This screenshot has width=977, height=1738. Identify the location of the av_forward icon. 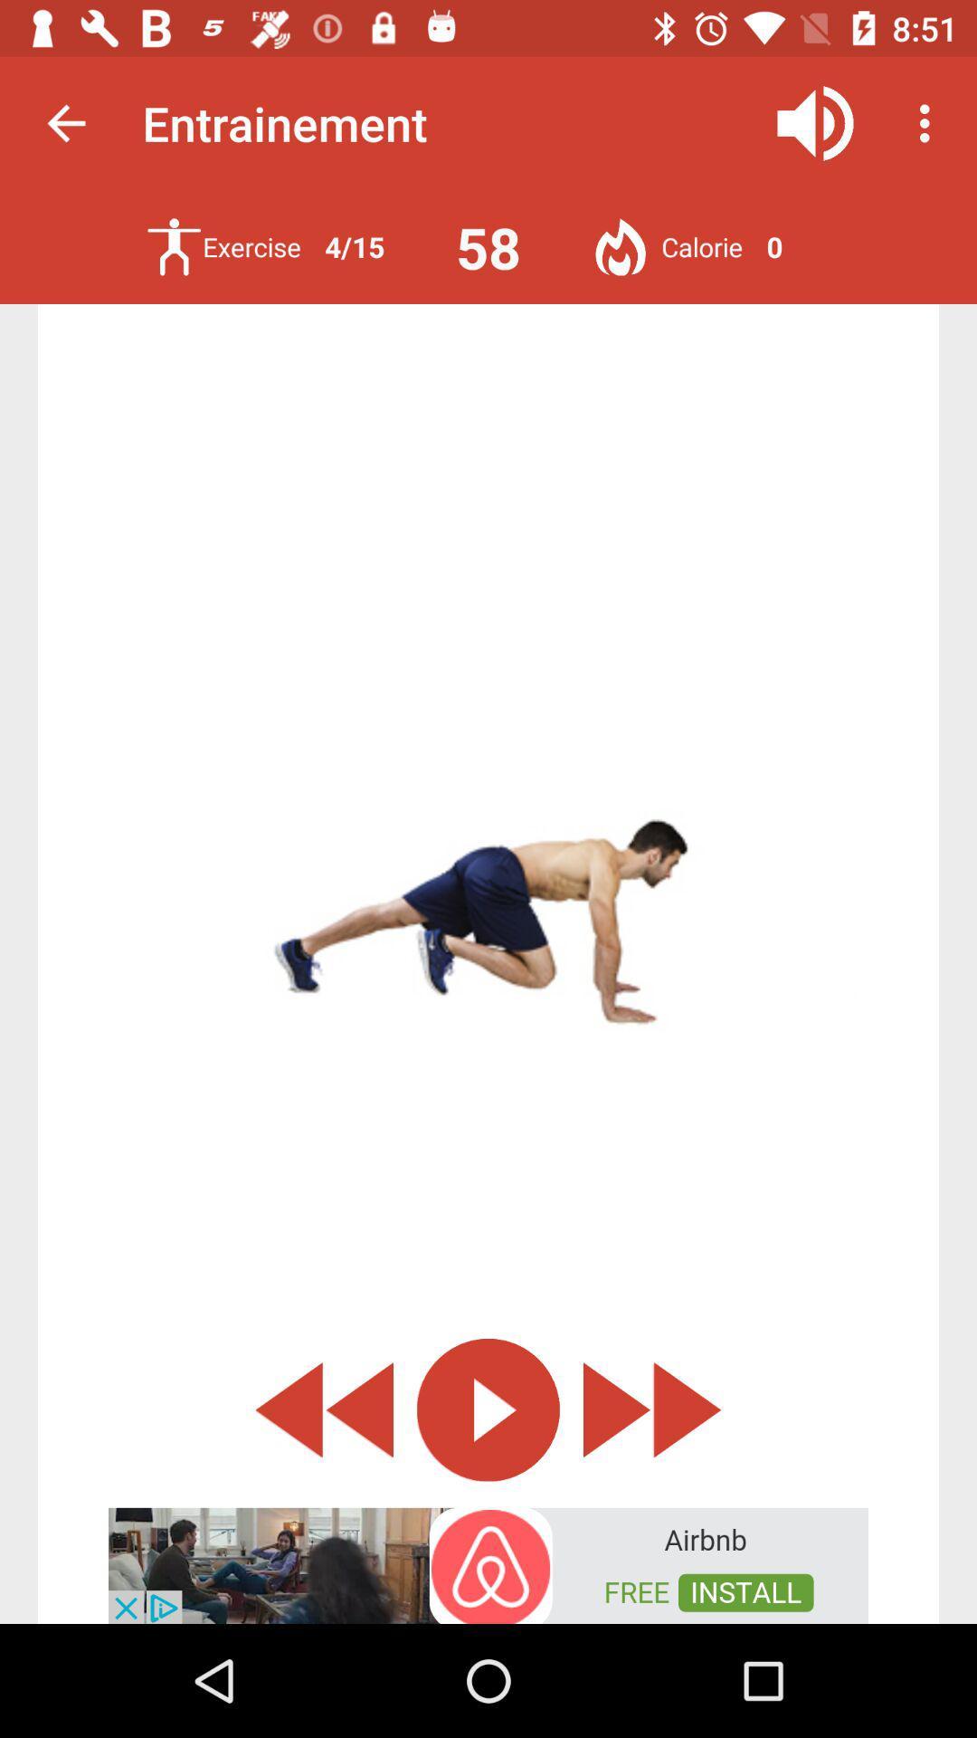
(652, 1409).